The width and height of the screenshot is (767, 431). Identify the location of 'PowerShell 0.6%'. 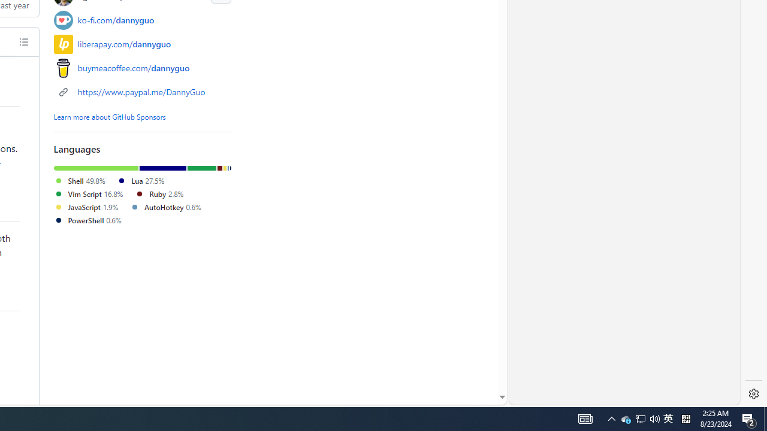
(87, 220).